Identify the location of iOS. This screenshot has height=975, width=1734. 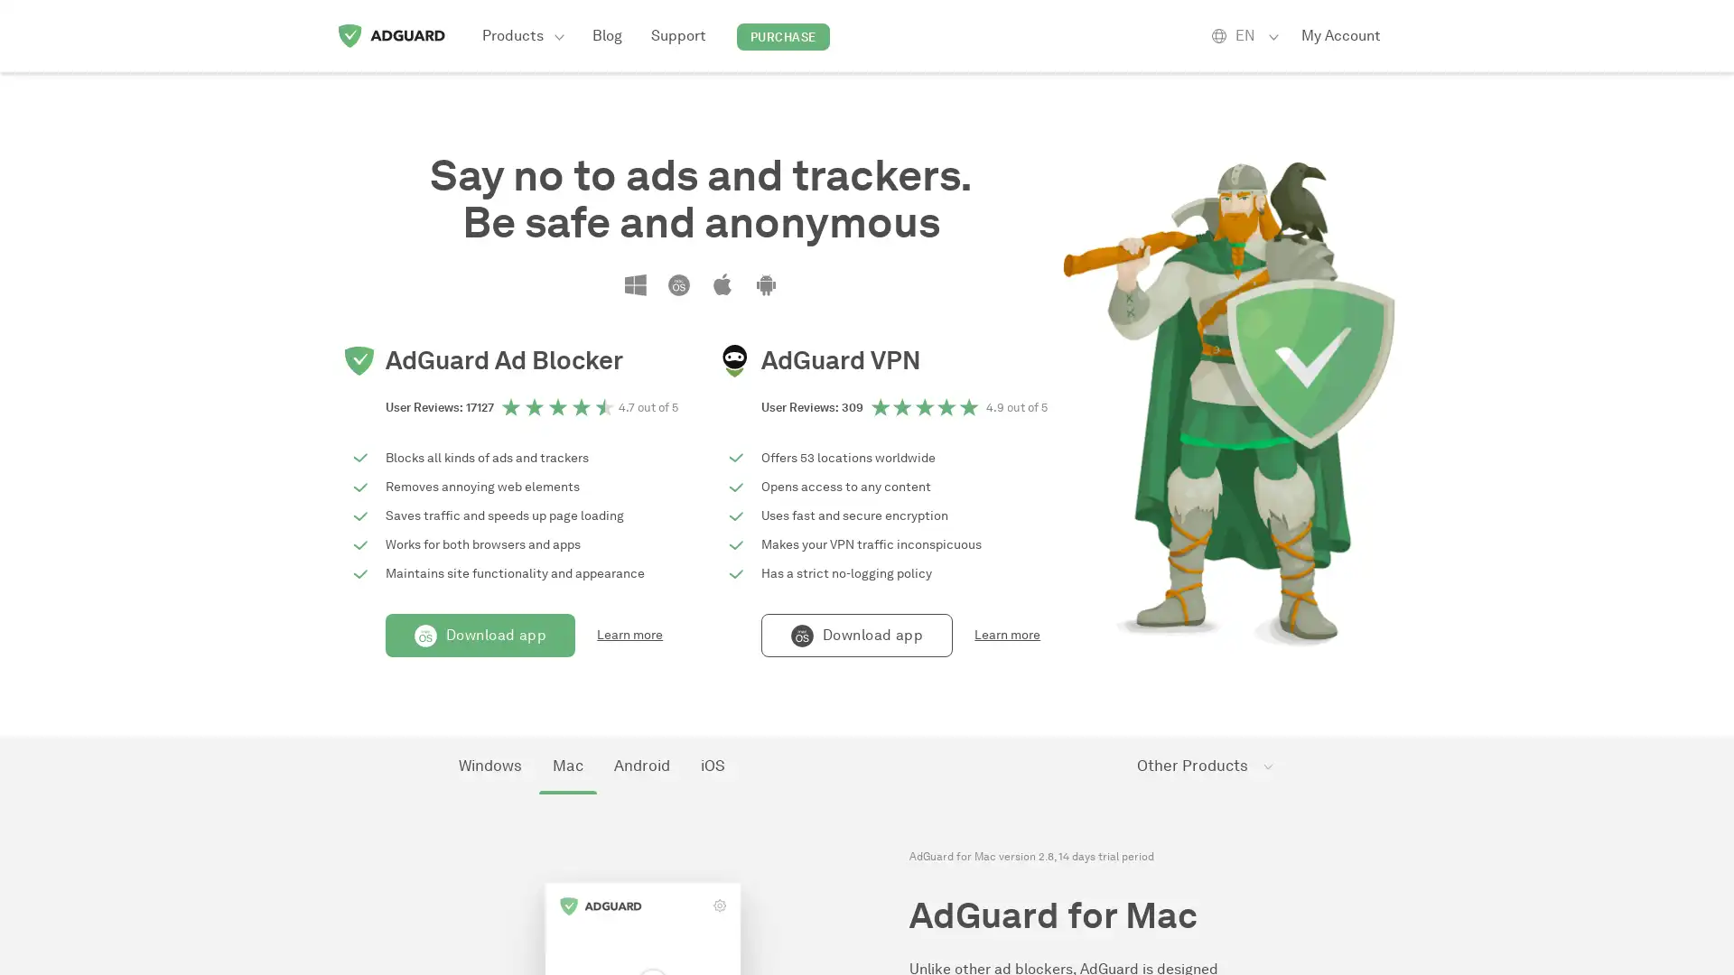
(712, 766).